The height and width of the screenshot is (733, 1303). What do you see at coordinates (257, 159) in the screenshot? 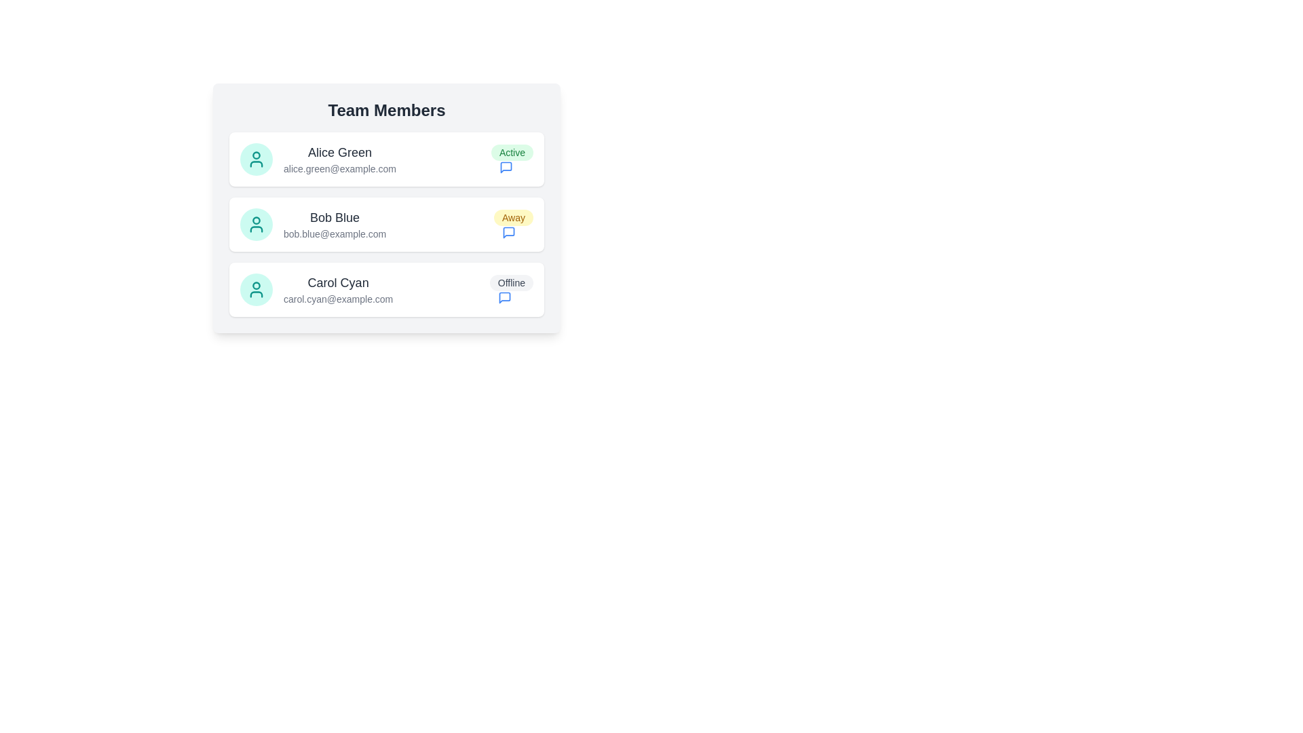
I see `the user icon representing Alice Green, located at the top-left corner of the first card in the list, adjacent to the name label and email` at bounding box center [257, 159].